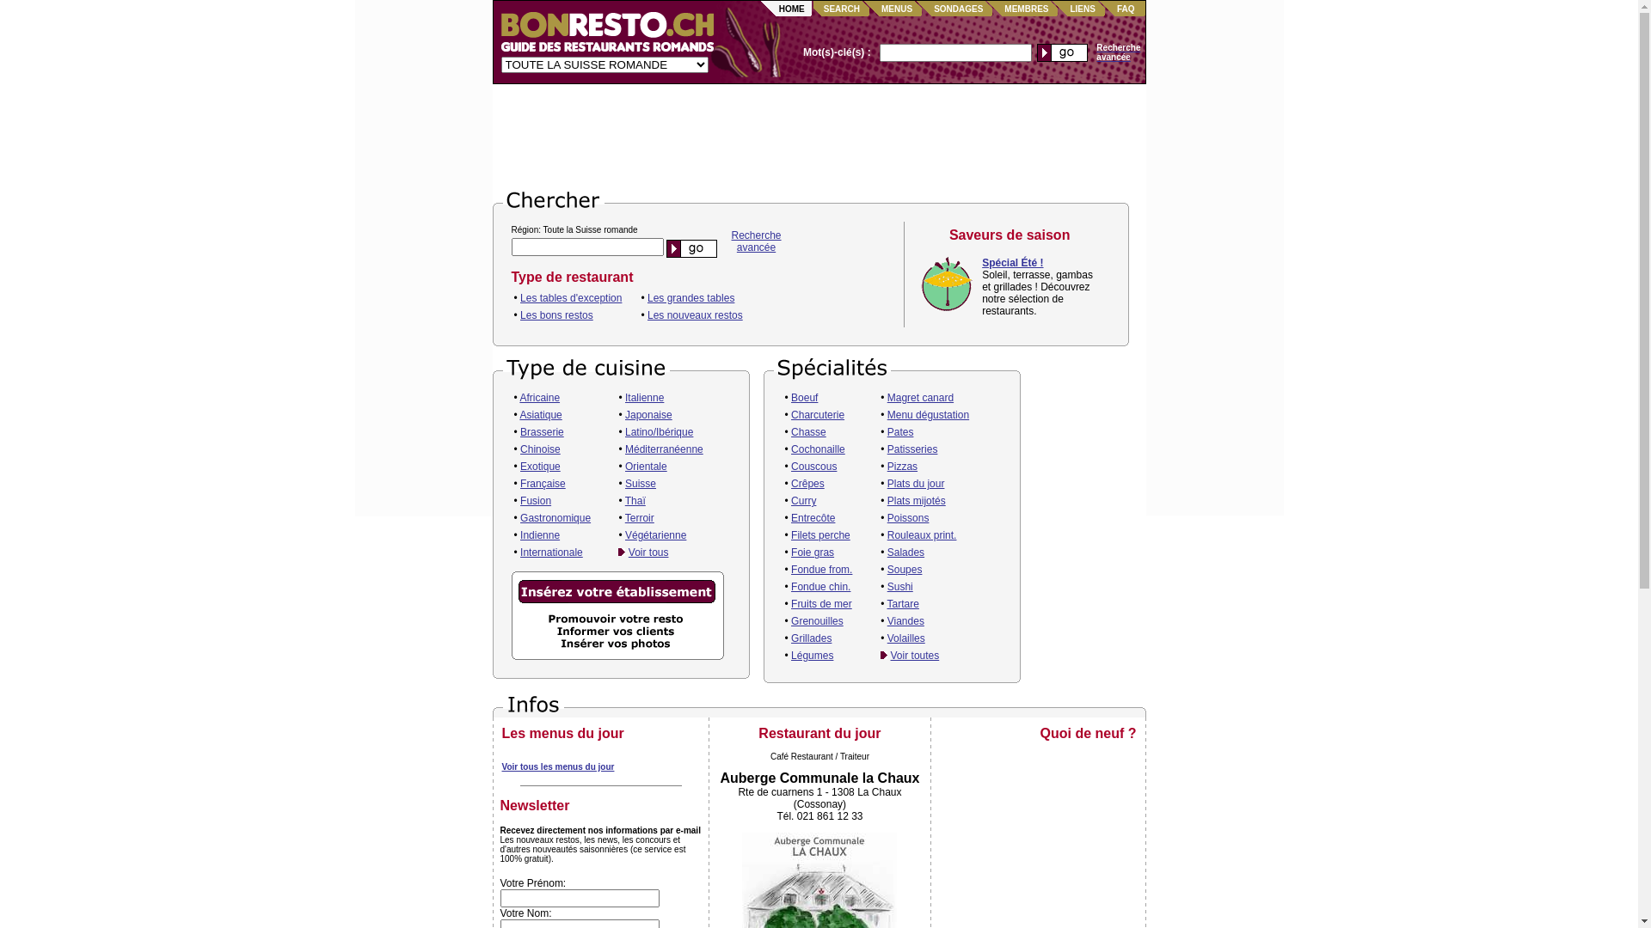  I want to click on 'Patisseries', so click(911, 449).